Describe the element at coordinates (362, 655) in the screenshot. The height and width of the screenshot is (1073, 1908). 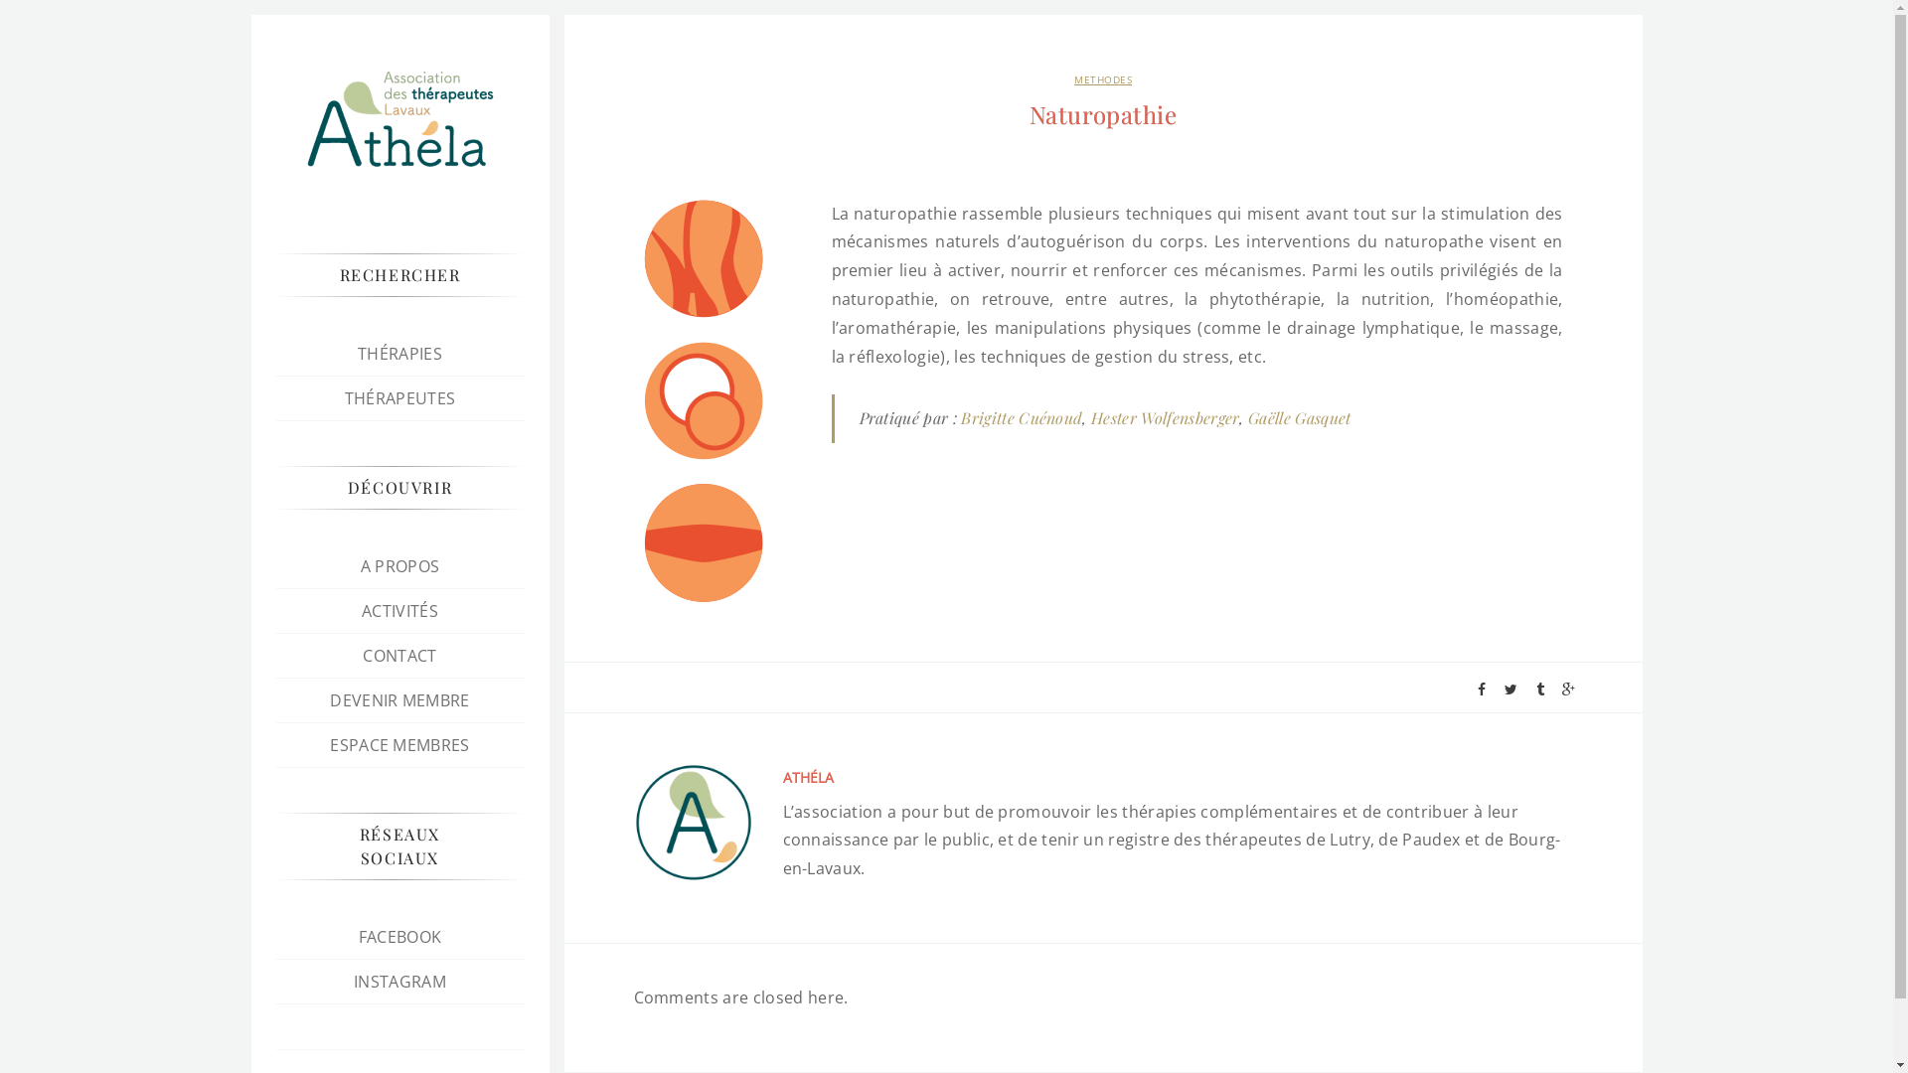
I see `'CONTACT'` at that location.